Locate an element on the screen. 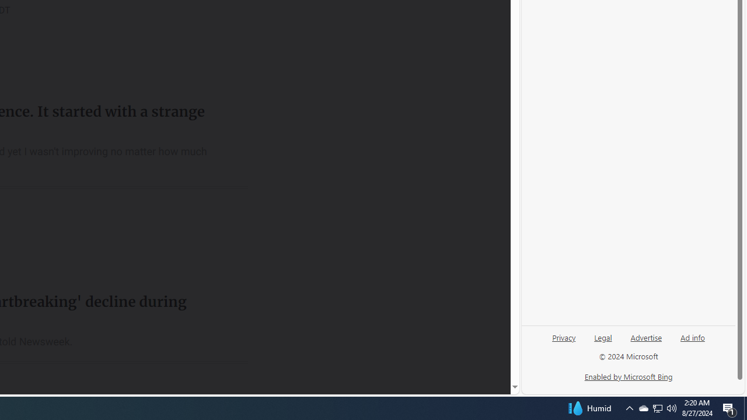  'Ad info' is located at coordinates (693, 337).